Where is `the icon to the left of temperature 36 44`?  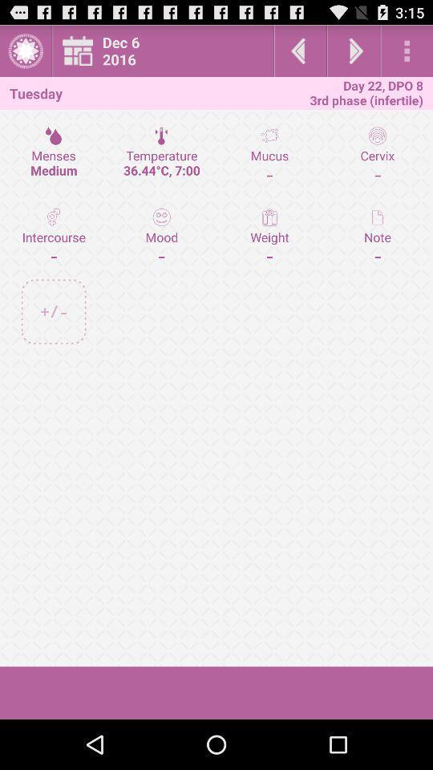 the icon to the left of temperature 36 44 is located at coordinates (54, 235).